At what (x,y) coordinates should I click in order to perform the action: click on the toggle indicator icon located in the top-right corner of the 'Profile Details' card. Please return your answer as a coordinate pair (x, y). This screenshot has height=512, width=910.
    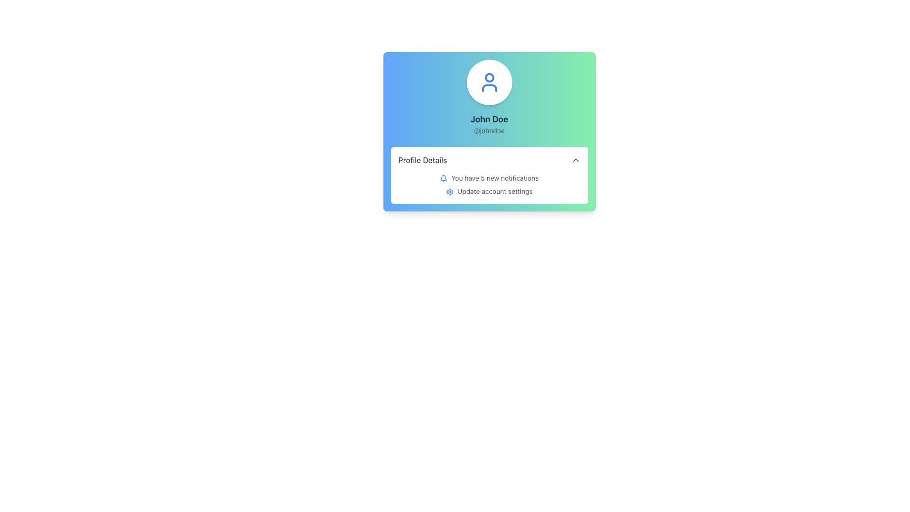
    Looking at the image, I should click on (575, 160).